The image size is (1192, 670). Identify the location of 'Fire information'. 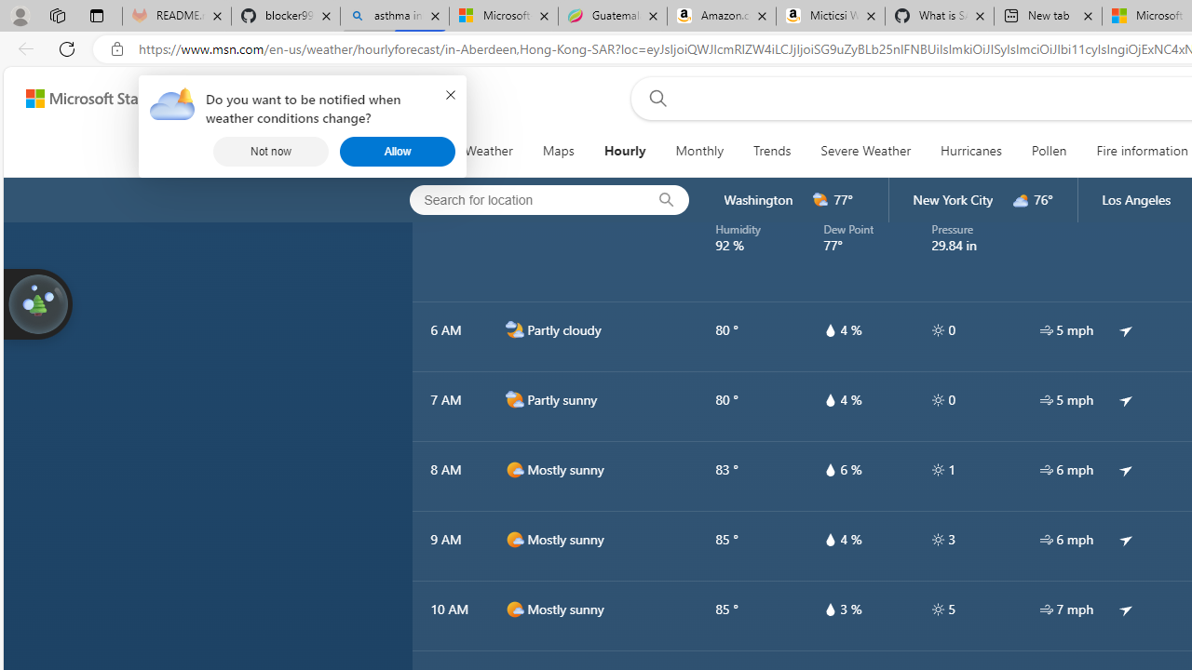
(1141, 151).